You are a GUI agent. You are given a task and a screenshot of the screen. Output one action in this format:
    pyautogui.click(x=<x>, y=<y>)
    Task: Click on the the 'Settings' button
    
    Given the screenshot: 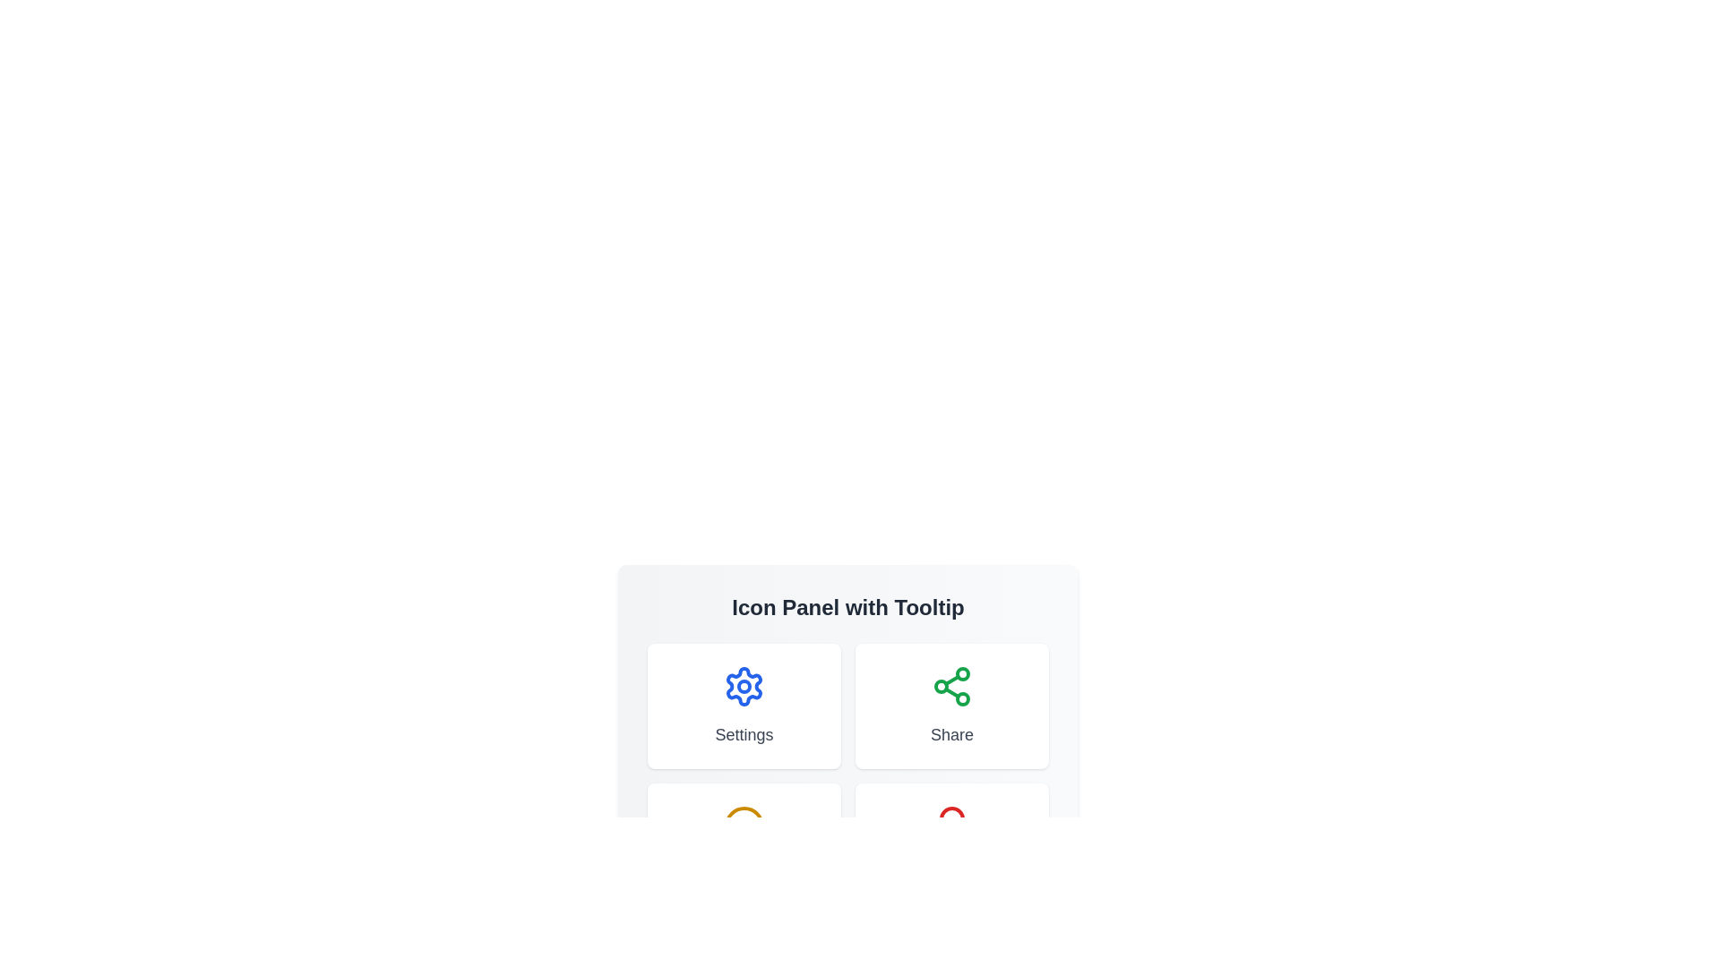 What is the action you would take?
    pyautogui.click(x=744, y=706)
    